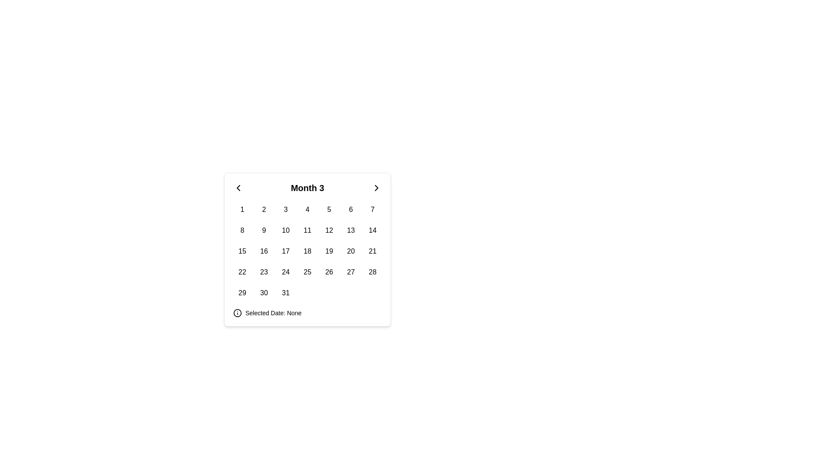  Describe the element at coordinates (329, 251) in the screenshot. I see `the calendar day cell representing the 19th day in the calendar interface under 'Month 3'. This element is visually styled as a button but is non-interactive` at that location.